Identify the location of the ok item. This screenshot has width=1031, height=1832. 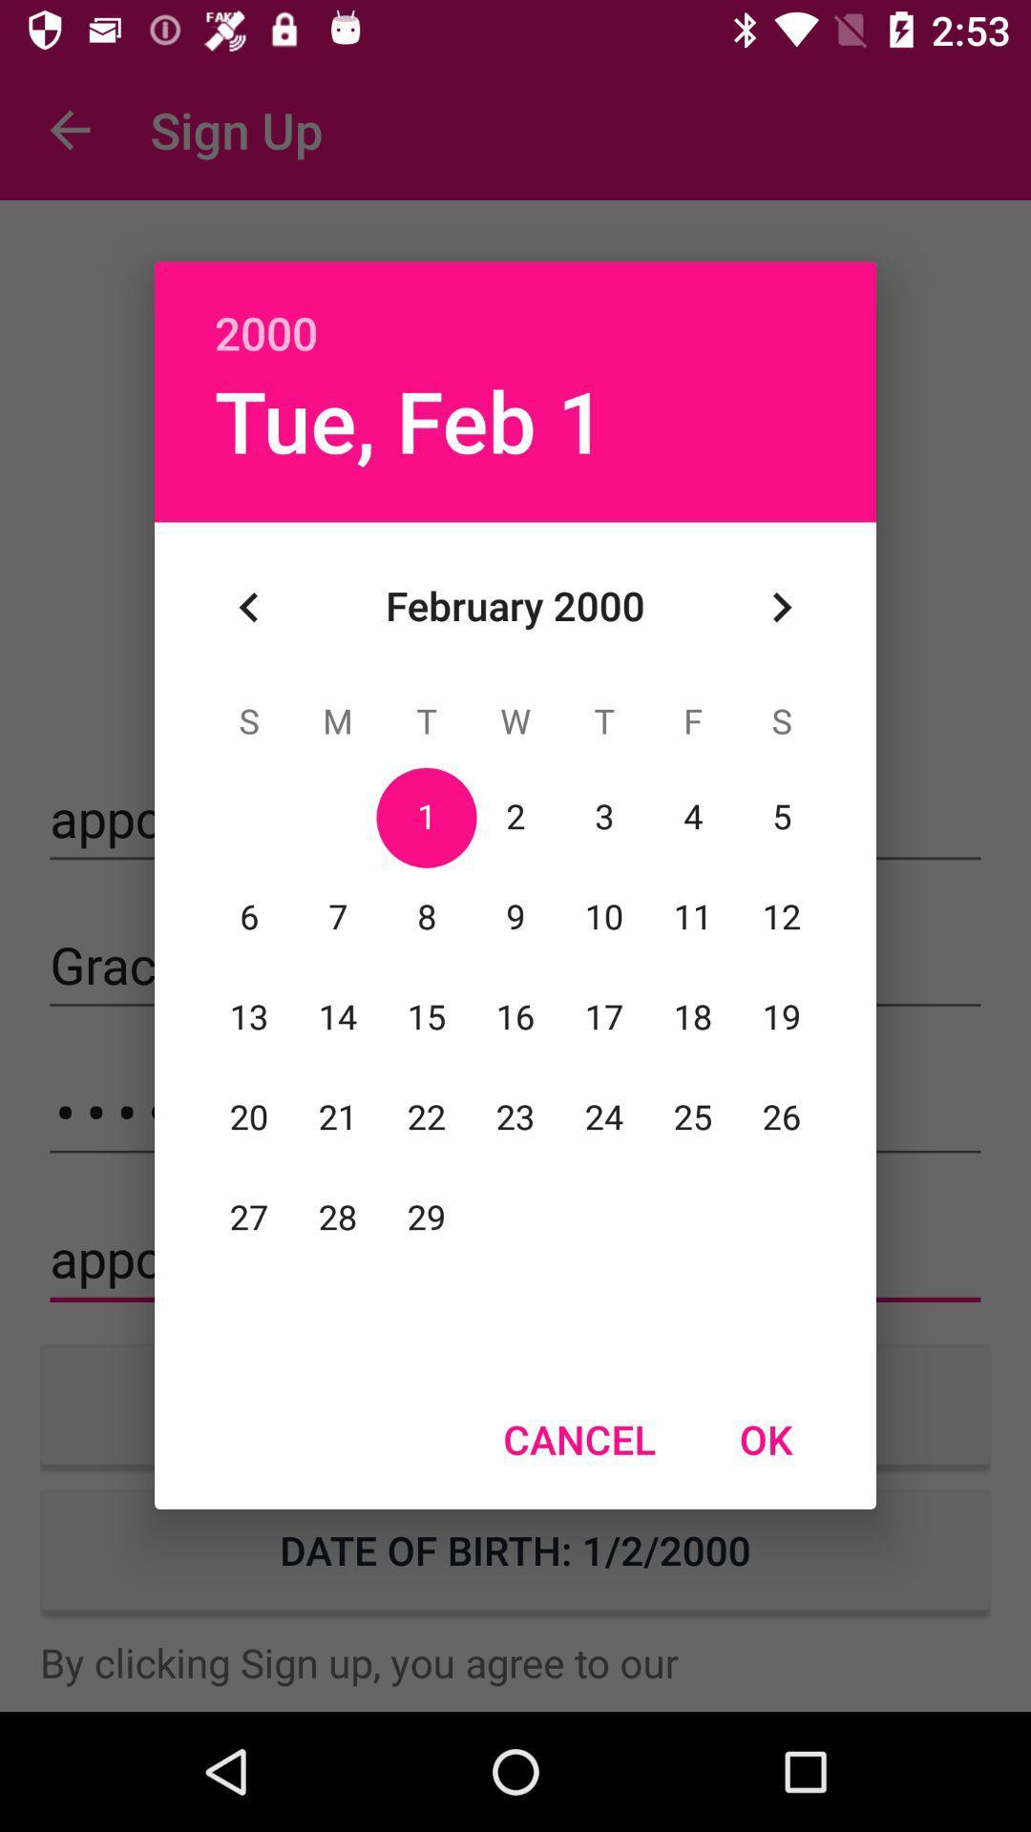
(765, 1439).